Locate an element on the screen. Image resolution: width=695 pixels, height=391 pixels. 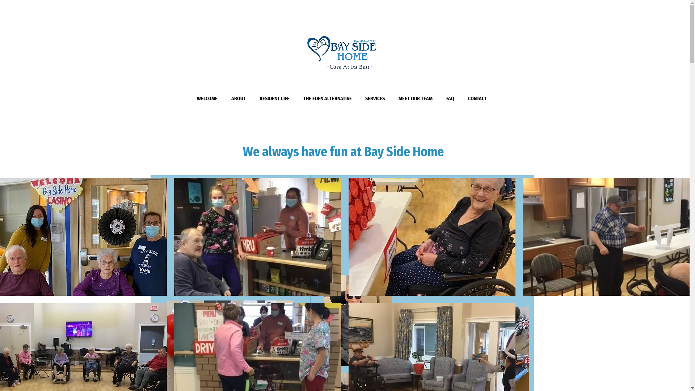
'ABOUT' is located at coordinates (238, 98).